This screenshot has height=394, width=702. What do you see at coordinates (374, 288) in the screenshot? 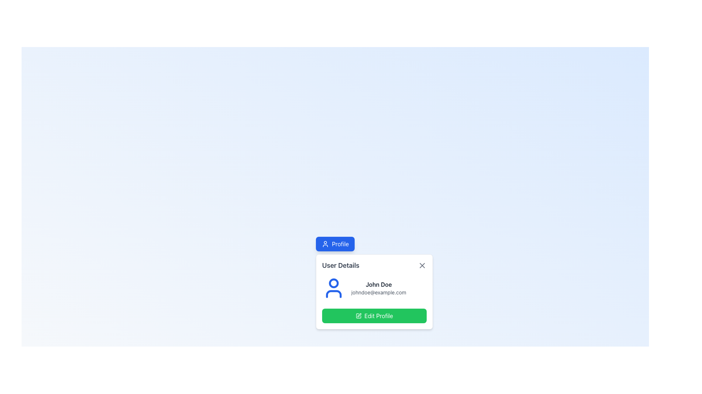
I see `the user information element displaying the user's name and email address in the 'User Details' modal, located above the 'Edit Profile' button` at bounding box center [374, 288].